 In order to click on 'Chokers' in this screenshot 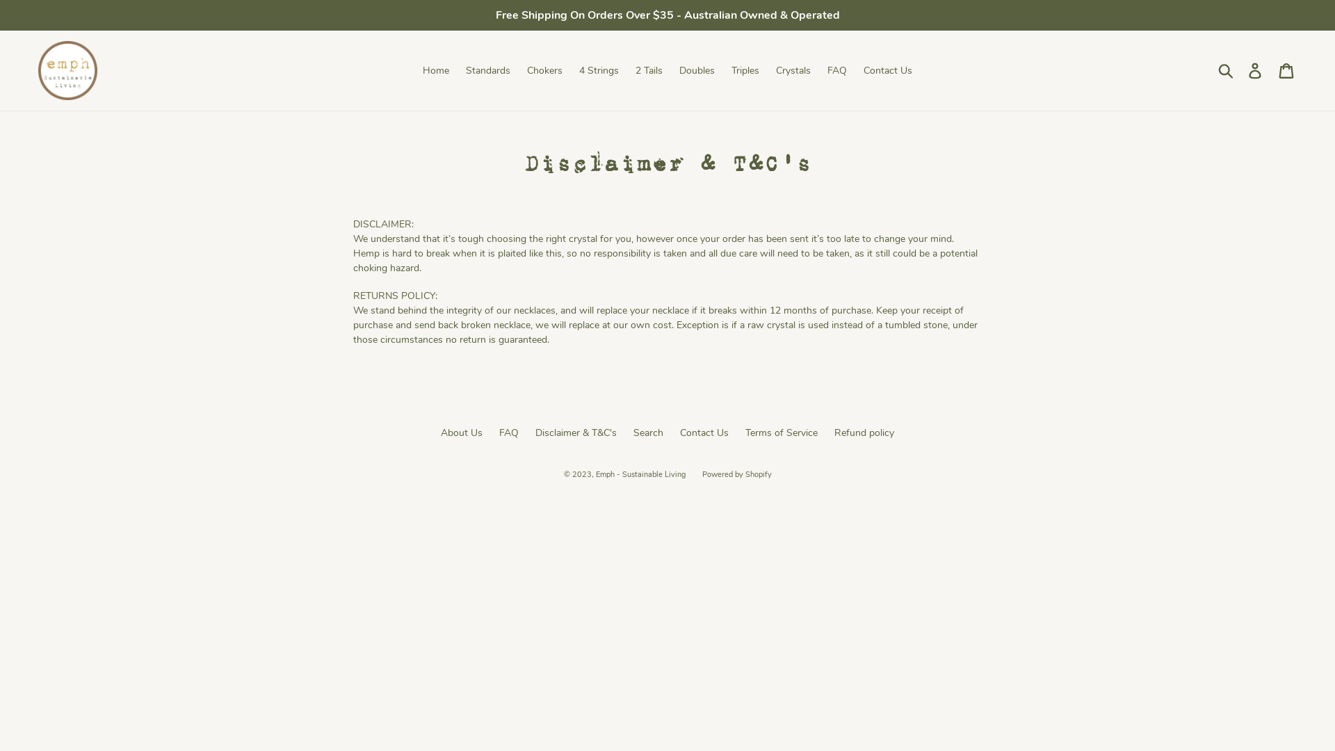, I will do `click(544, 70)`.